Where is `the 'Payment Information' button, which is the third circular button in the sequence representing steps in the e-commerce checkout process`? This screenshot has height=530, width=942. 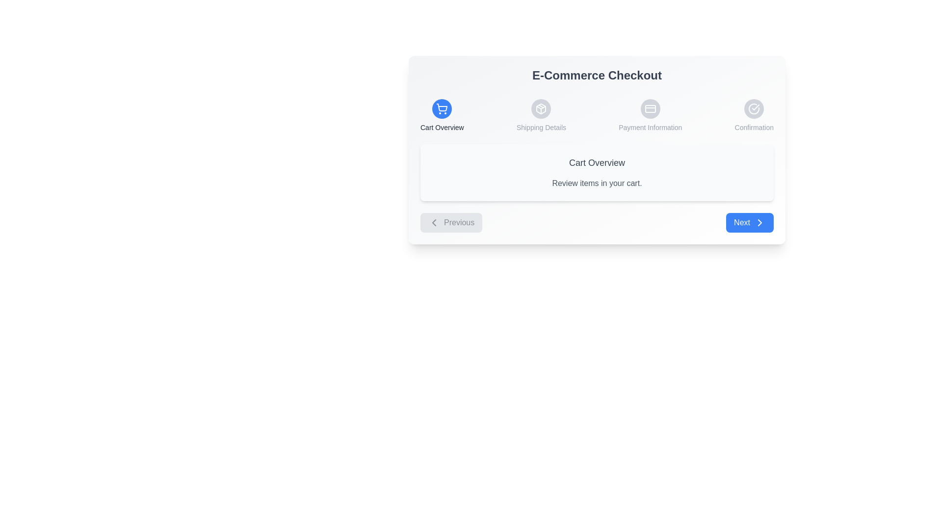
the 'Payment Information' button, which is the third circular button in the sequence representing steps in the e-commerce checkout process is located at coordinates (650, 109).